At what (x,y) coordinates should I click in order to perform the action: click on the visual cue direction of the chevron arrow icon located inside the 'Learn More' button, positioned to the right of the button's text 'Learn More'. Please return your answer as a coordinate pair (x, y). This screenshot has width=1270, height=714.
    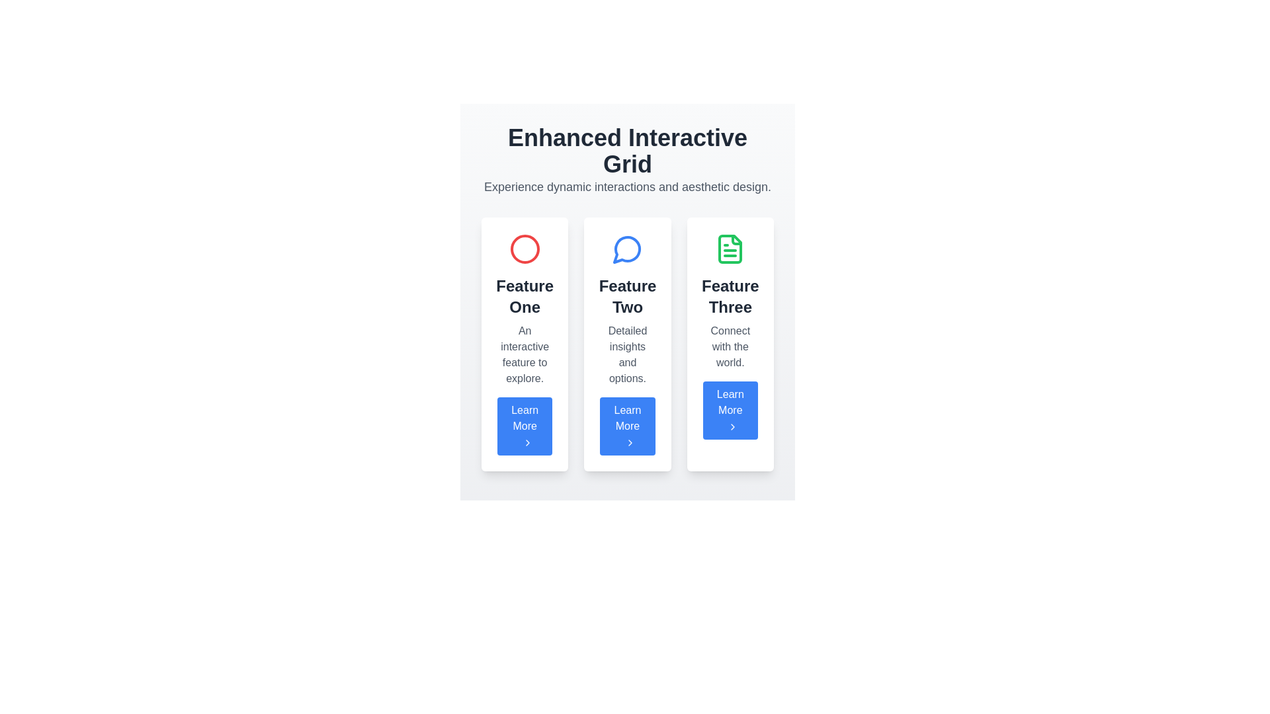
    Looking at the image, I should click on (527, 442).